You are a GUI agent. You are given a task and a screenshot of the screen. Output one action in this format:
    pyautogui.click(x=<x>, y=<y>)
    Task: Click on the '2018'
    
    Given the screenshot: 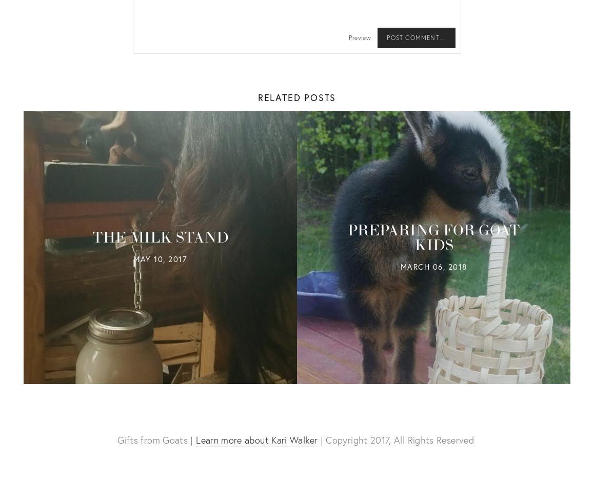 What is the action you would take?
    pyautogui.click(x=457, y=265)
    